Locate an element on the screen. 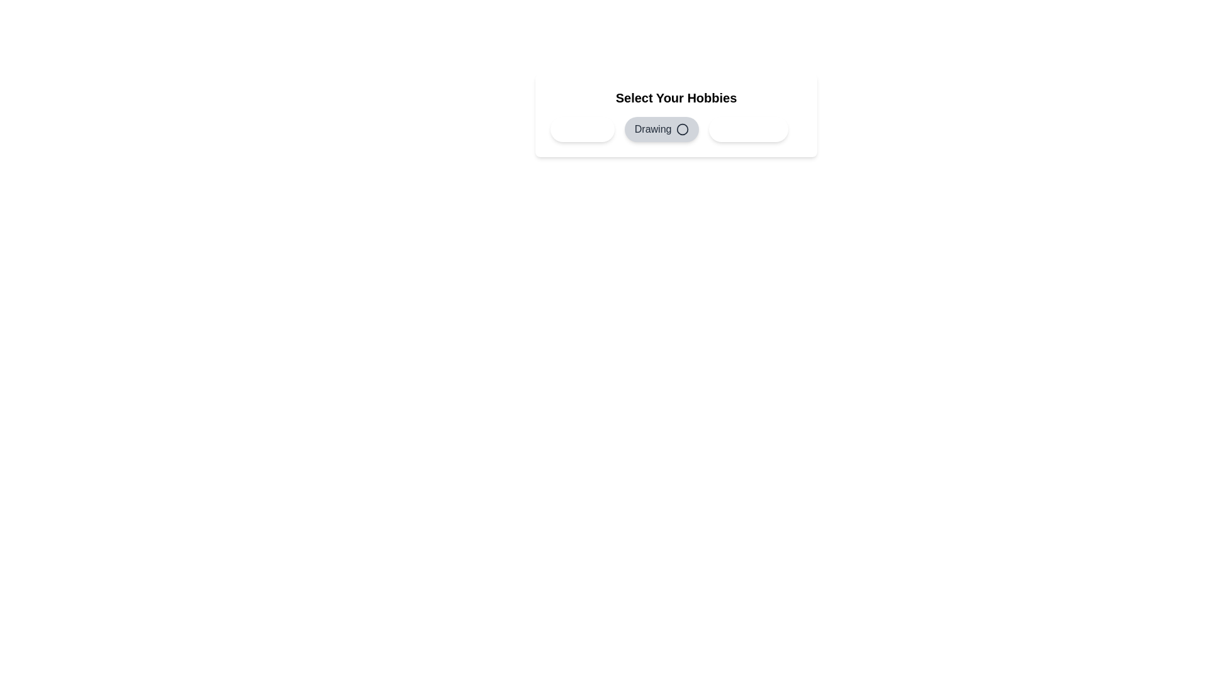 This screenshot has width=1208, height=679. the hobby chip labeled Drawing to observe its styling changes is located at coordinates (661, 129).